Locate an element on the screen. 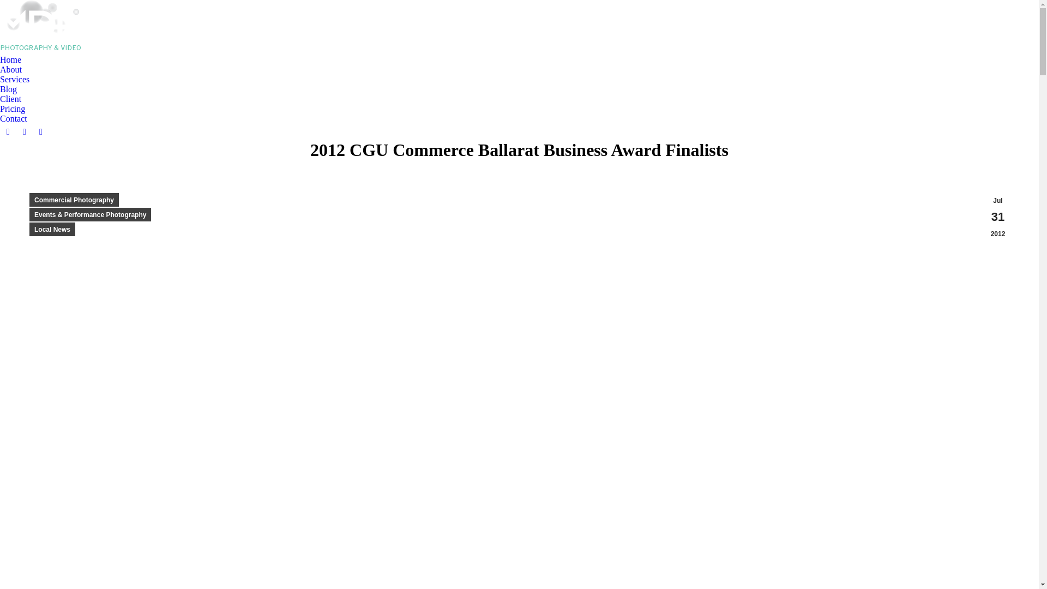 The height and width of the screenshot is (589, 1047). 'Contact' is located at coordinates (0, 119).